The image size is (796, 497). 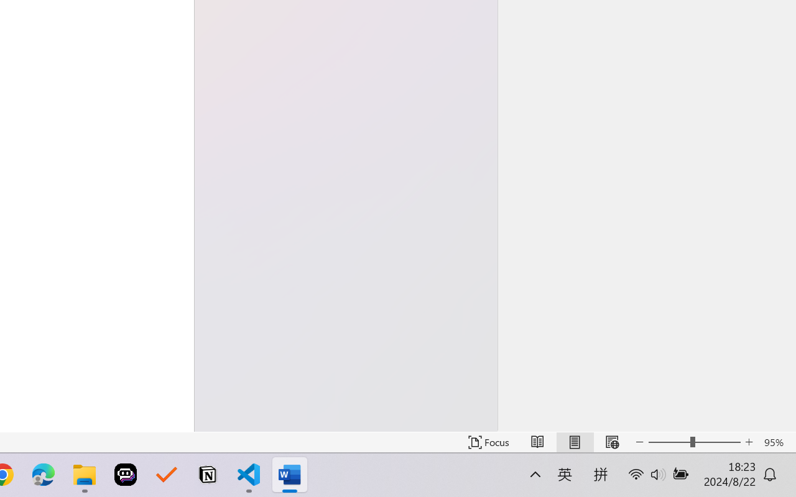 I want to click on 'Zoom 95%', so click(x=776, y=442).